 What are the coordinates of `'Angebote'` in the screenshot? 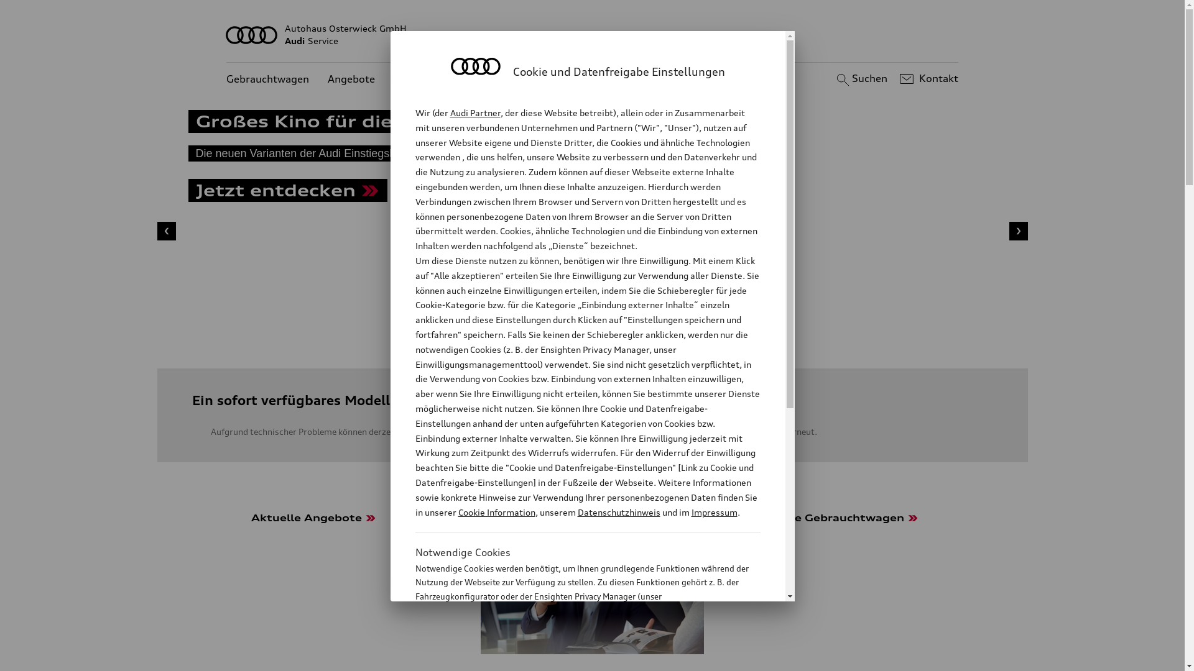 It's located at (351, 79).